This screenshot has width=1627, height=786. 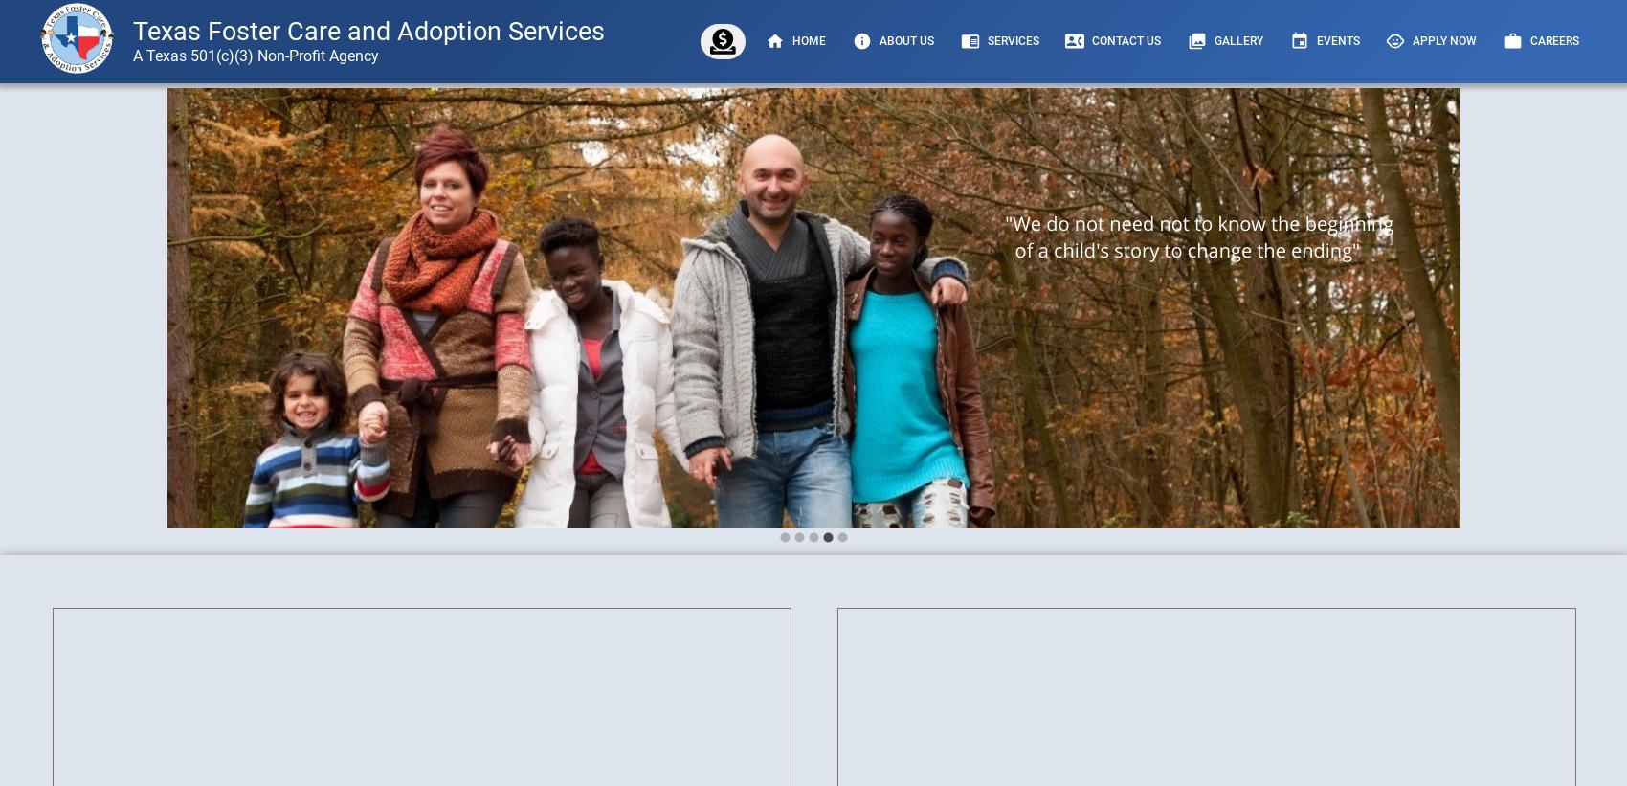 What do you see at coordinates (1553, 39) in the screenshot?
I see `'Careers'` at bounding box center [1553, 39].